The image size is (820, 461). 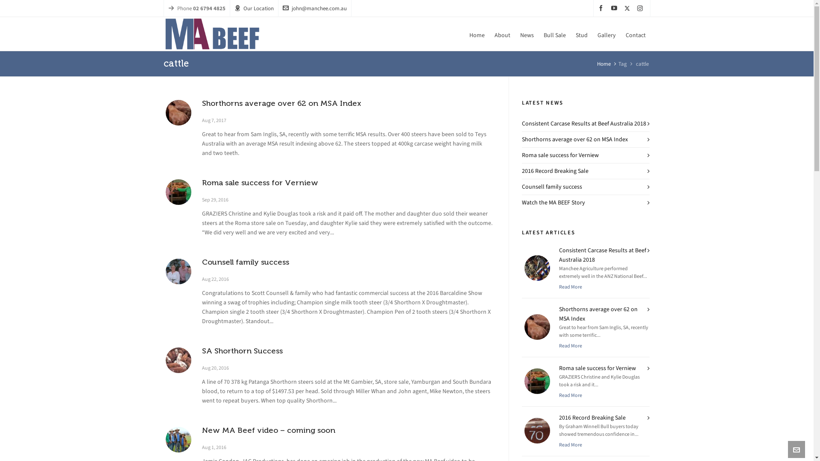 I want to click on 'Bull Sale', so click(x=555, y=34).